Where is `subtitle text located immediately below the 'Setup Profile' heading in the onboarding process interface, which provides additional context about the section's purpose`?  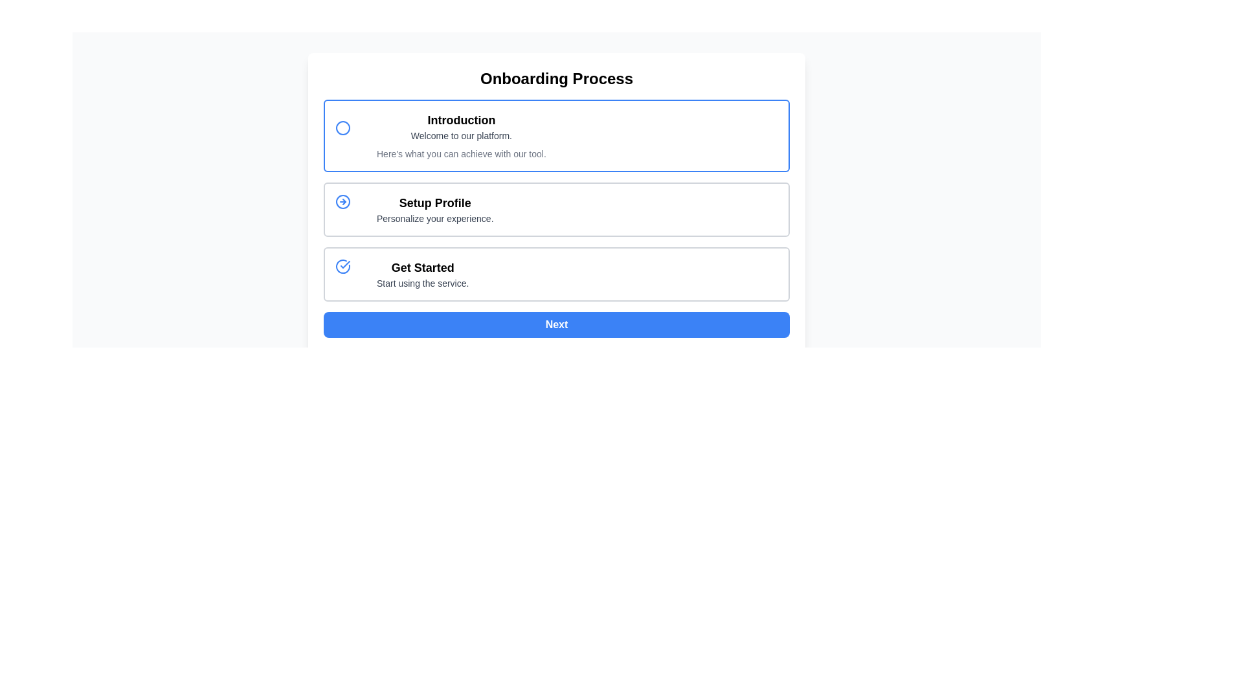 subtitle text located immediately below the 'Setup Profile' heading in the onboarding process interface, which provides additional context about the section's purpose is located at coordinates (435, 218).